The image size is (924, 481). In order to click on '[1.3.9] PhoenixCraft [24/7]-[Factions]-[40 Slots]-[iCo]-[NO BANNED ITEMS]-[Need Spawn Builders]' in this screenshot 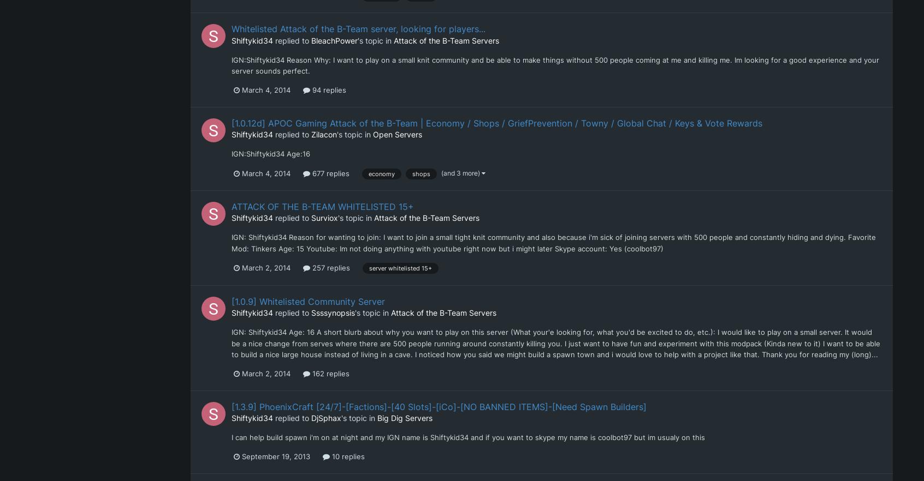, I will do `click(439, 406)`.